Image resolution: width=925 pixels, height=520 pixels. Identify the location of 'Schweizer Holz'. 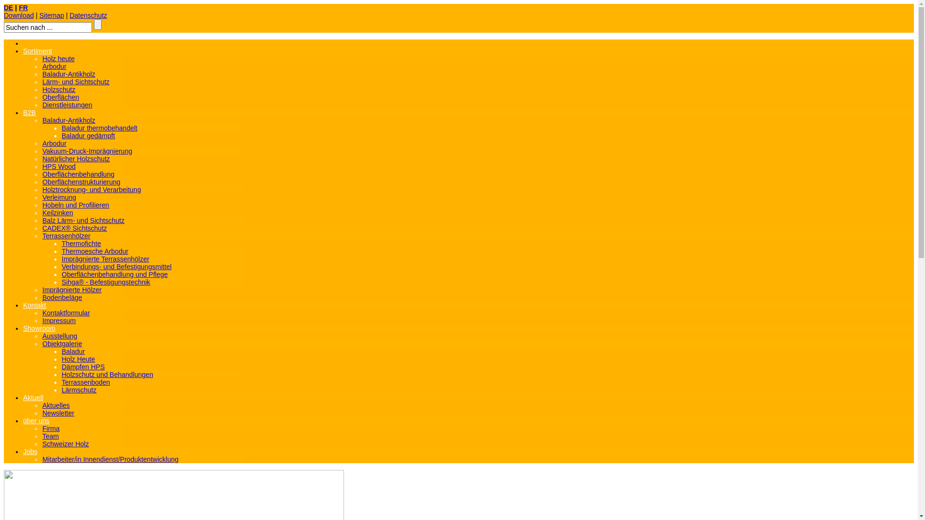
(65, 443).